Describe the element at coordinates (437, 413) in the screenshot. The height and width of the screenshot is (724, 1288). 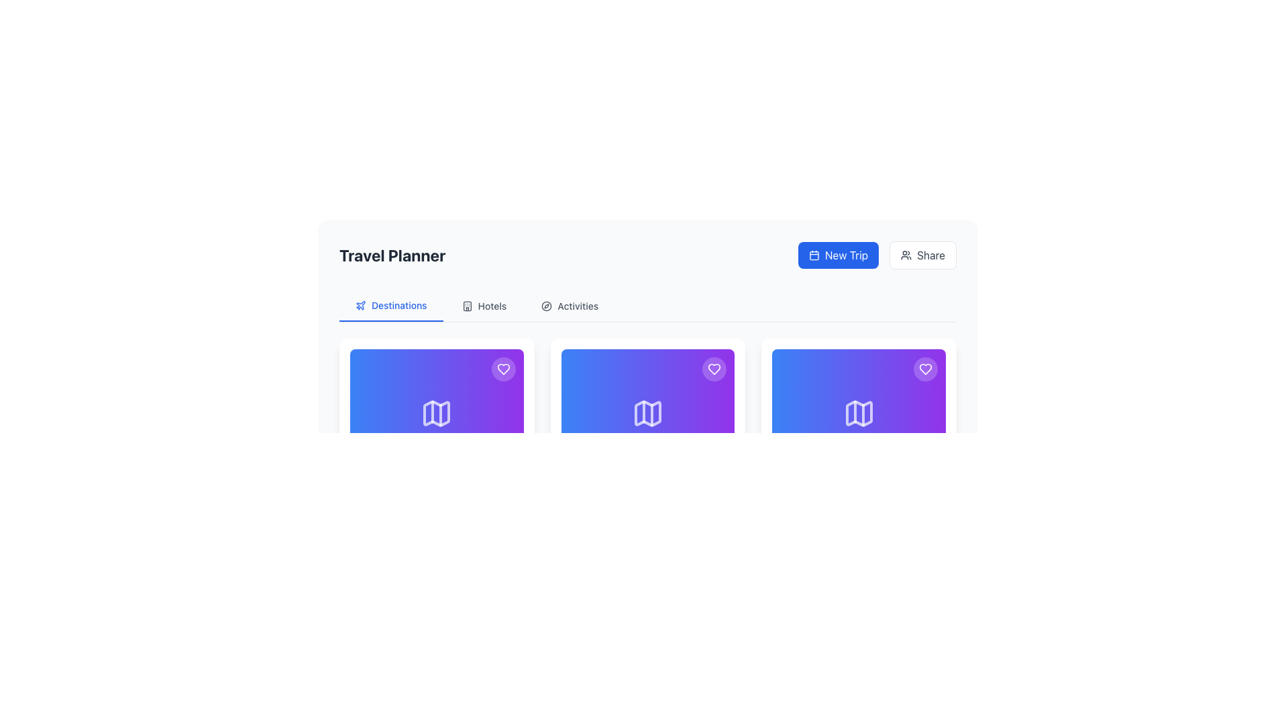
I see `the first card in the 'Destinations' section` at that location.